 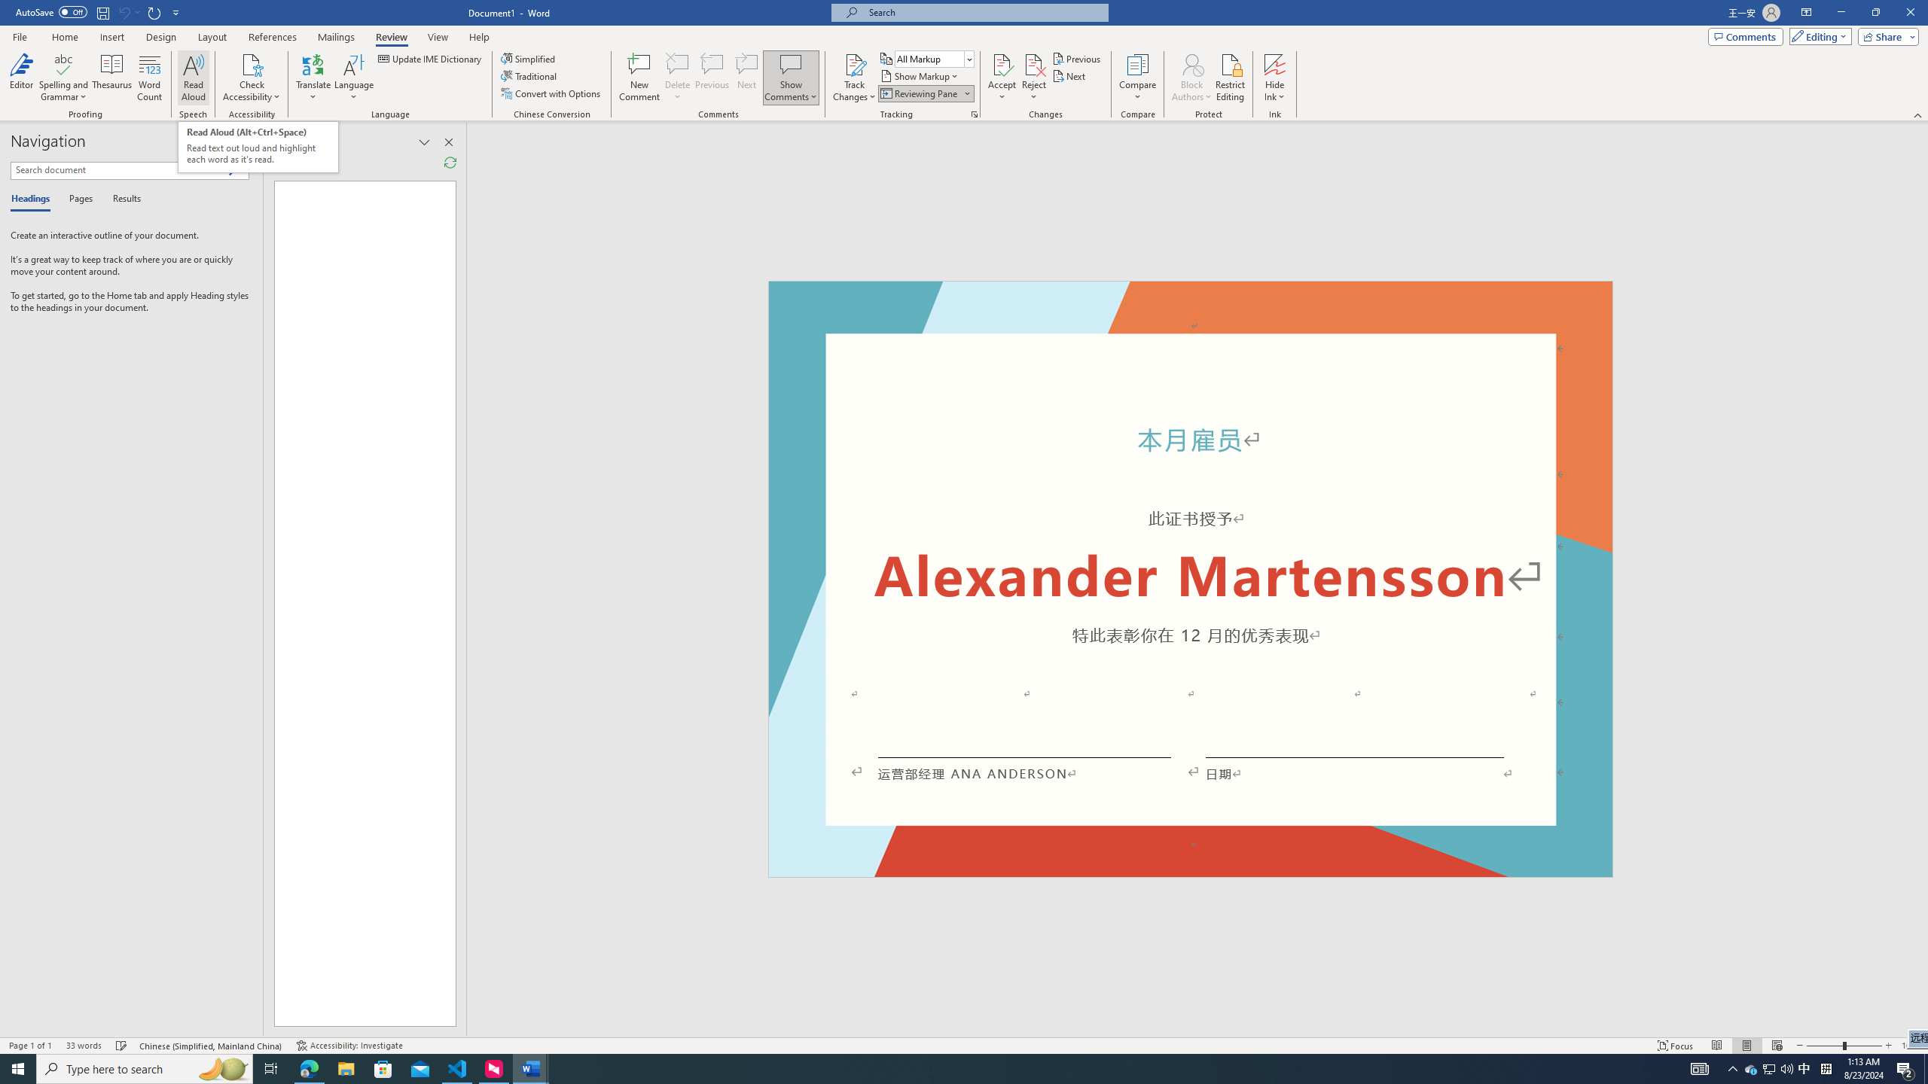 I want to click on 'Focus ', so click(x=1676, y=1046).